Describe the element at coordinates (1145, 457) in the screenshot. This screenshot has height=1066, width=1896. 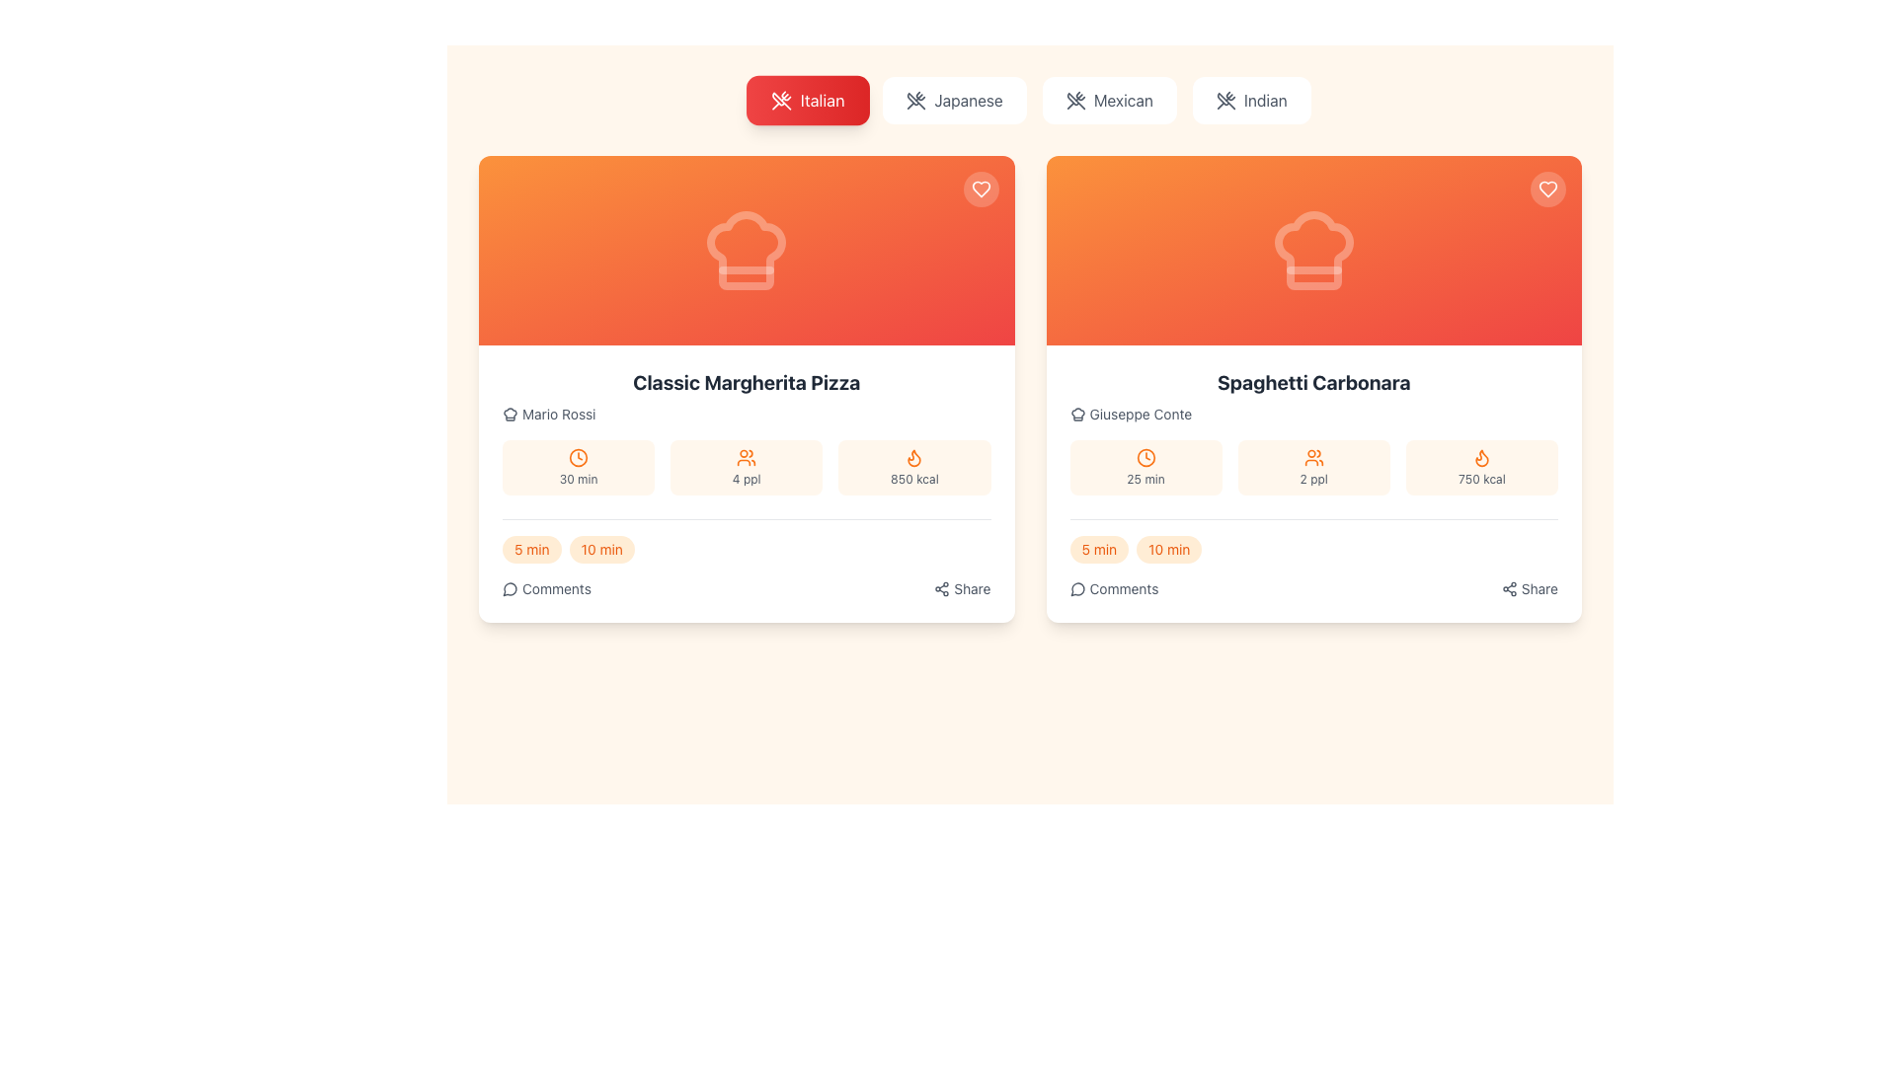
I see `the time preparation icon located above the '25 min' text in the right recipe card for 'Spaghetti Carbonara'` at that location.